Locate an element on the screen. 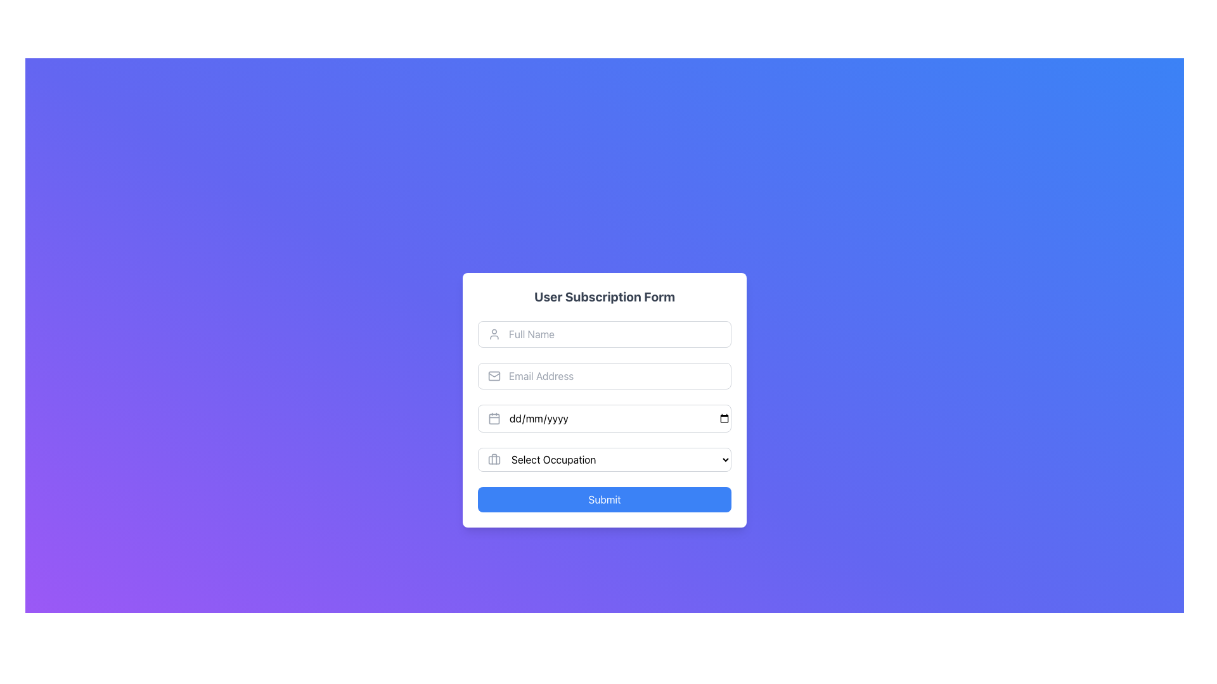 The width and height of the screenshot is (1217, 684). the input fields of the centered User Subscription Form to focus on them is located at coordinates (604, 400).